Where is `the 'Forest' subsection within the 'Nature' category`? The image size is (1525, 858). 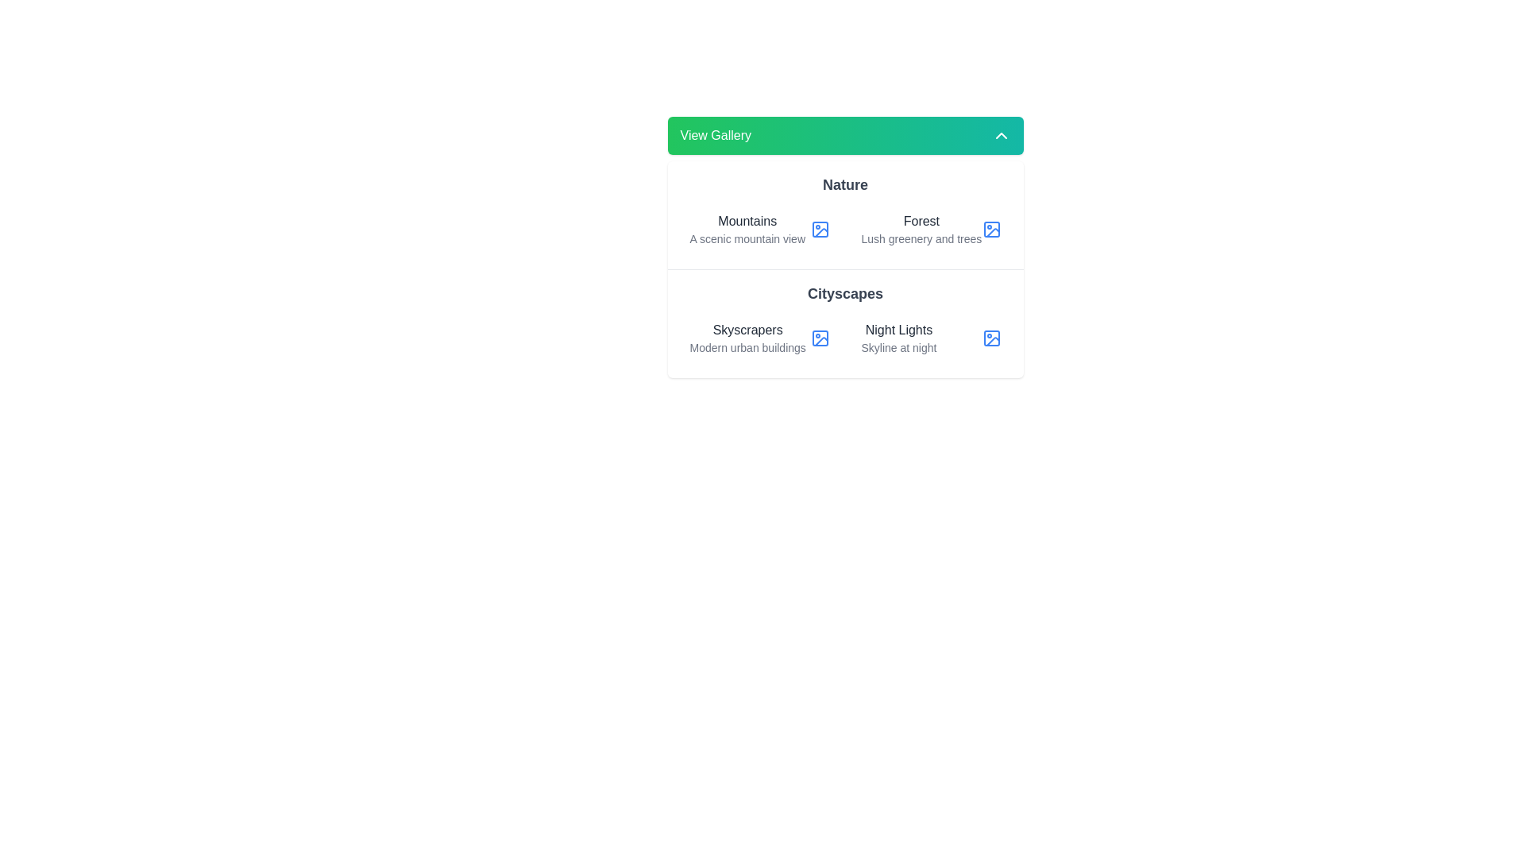 the 'Forest' subsection within the 'Nature' category is located at coordinates (844, 214).